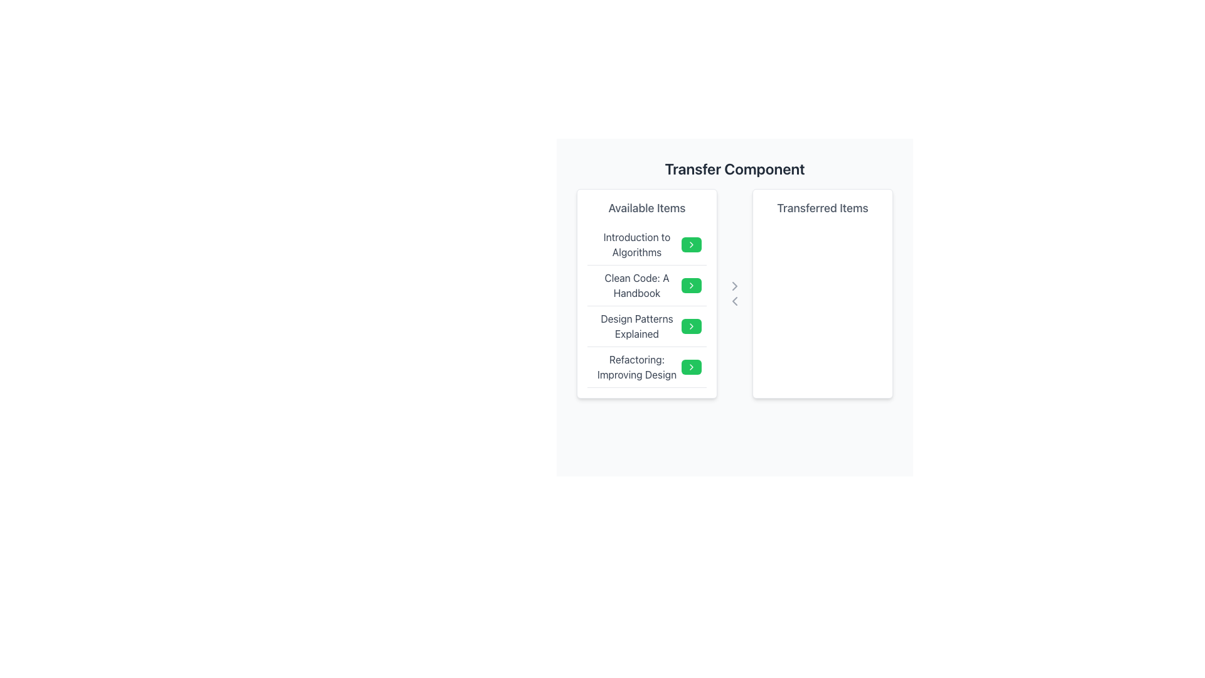  Describe the element at coordinates (647, 367) in the screenshot. I see `the green action button with a right-arrow icon located on the right side of the list item containing the text 'Refactoring: Improving Design' in the 'Available Items' list` at that location.